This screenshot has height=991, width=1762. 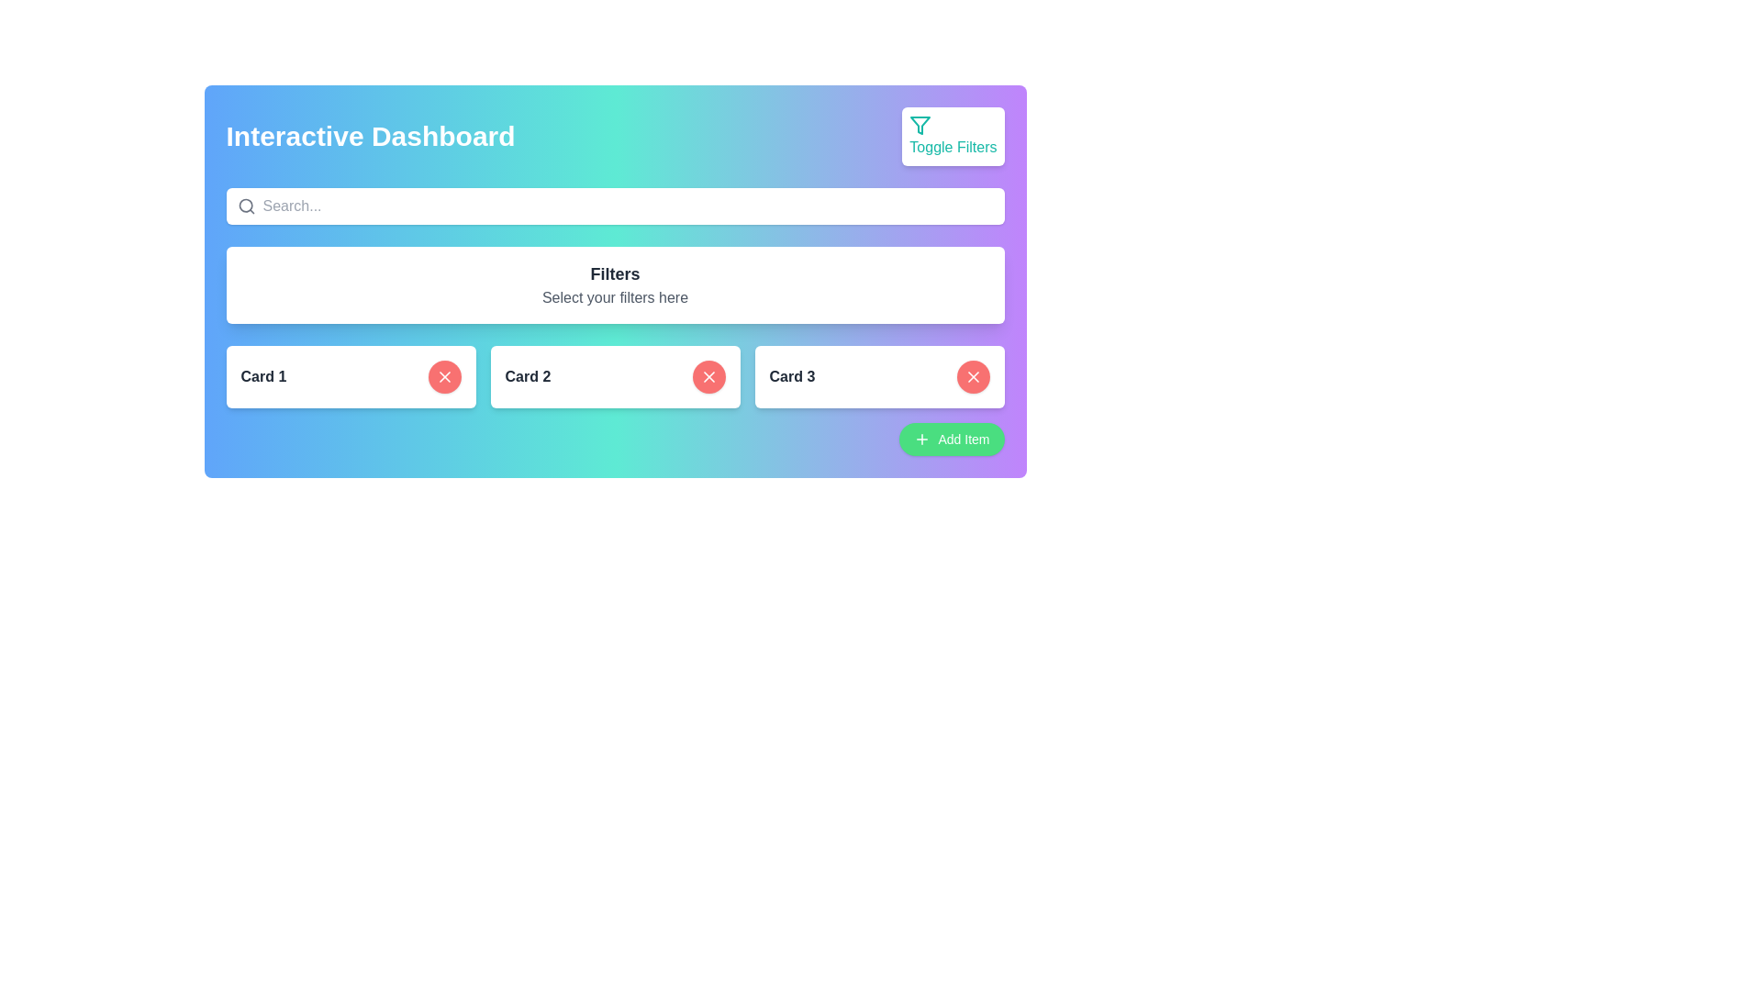 I want to click on the Heading label that identifies the interface as 'Interactive Dashboard' located at the top-left of the header section, so click(x=369, y=136).